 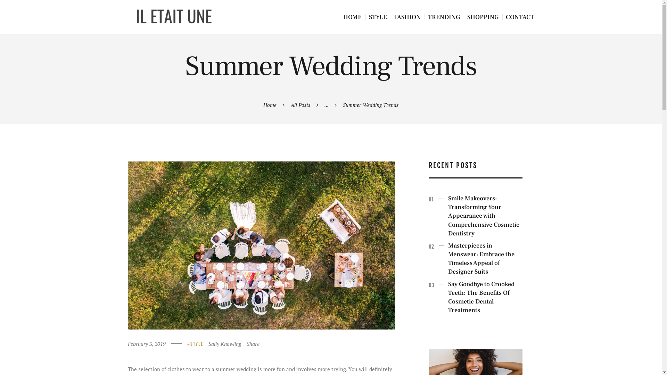 I want to click on 'Home', so click(x=270, y=105).